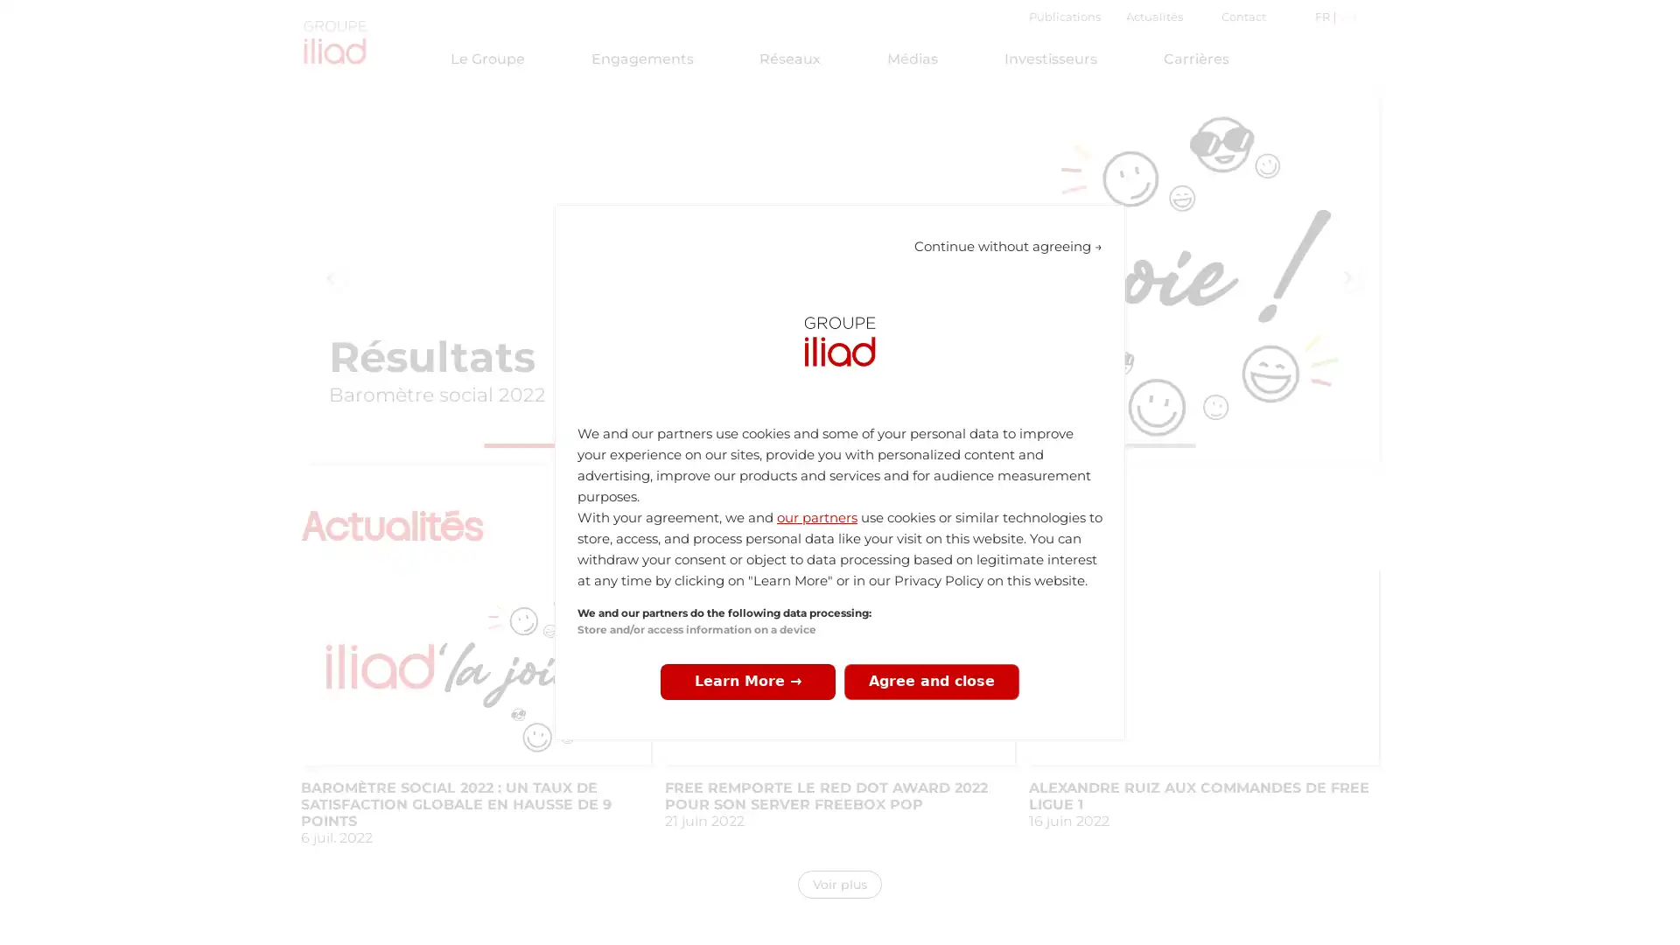 This screenshot has height=945, width=1680. I want to click on Agree to our data processing and close, so click(931, 681).